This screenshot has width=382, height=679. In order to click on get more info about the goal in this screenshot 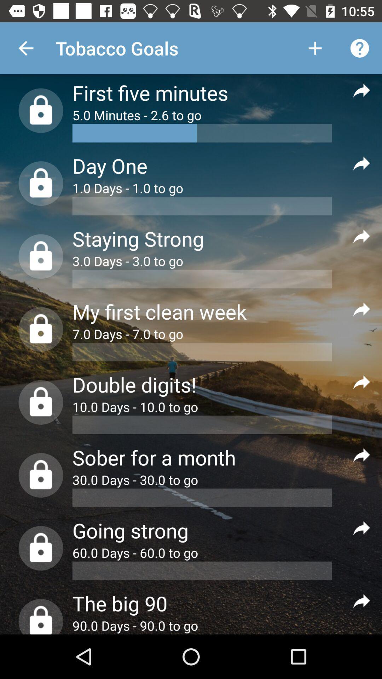, I will do `click(361, 163)`.